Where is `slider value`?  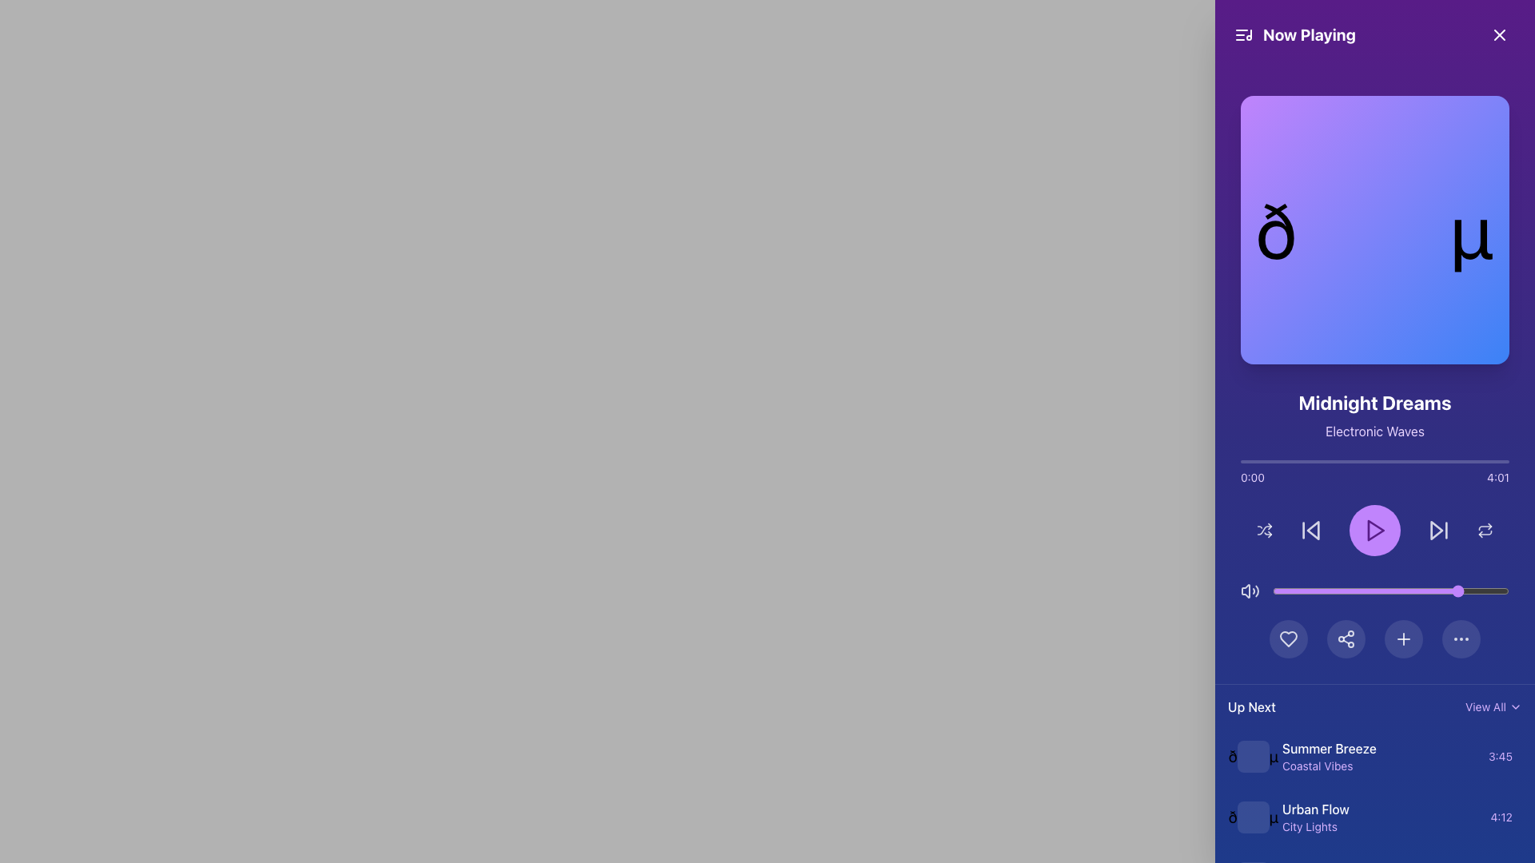 slider value is located at coordinates (1318, 591).